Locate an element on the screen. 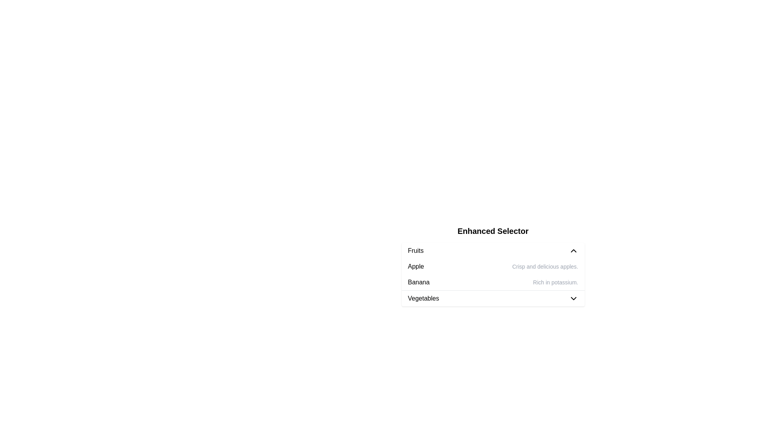 The height and width of the screenshot is (426, 757). the list item group containing 'Apple' and 'Banana' titles with their respective subtitles 'Crisp and delicious apples.' and 'Rich in potassium.' under the 'Fruits' category is located at coordinates (492, 274).